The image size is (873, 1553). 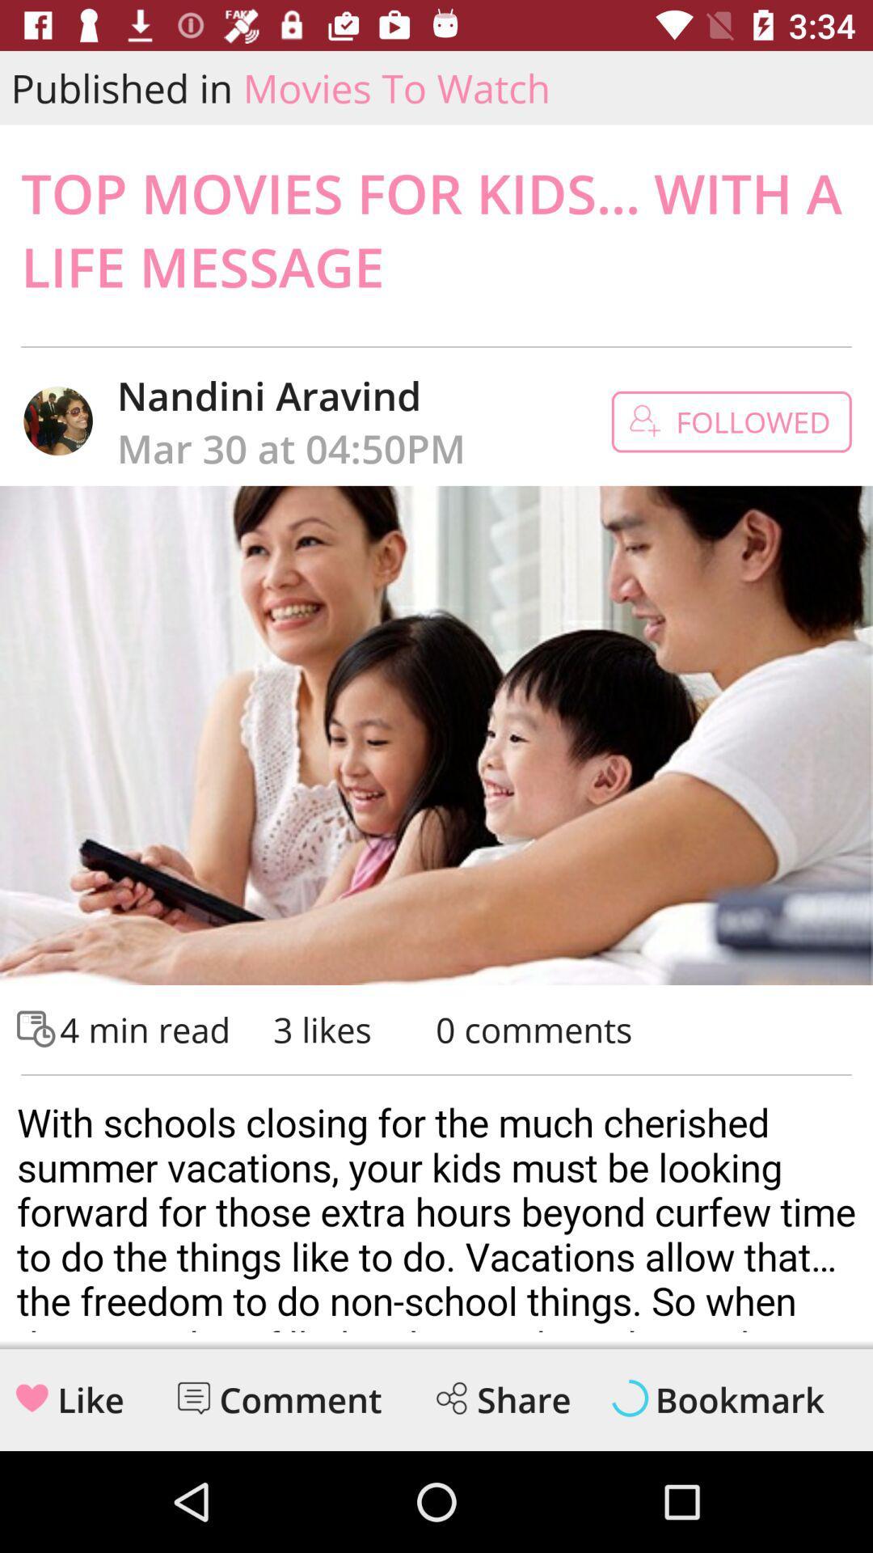 I want to click on the share icon, so click(x=451, y=1397).